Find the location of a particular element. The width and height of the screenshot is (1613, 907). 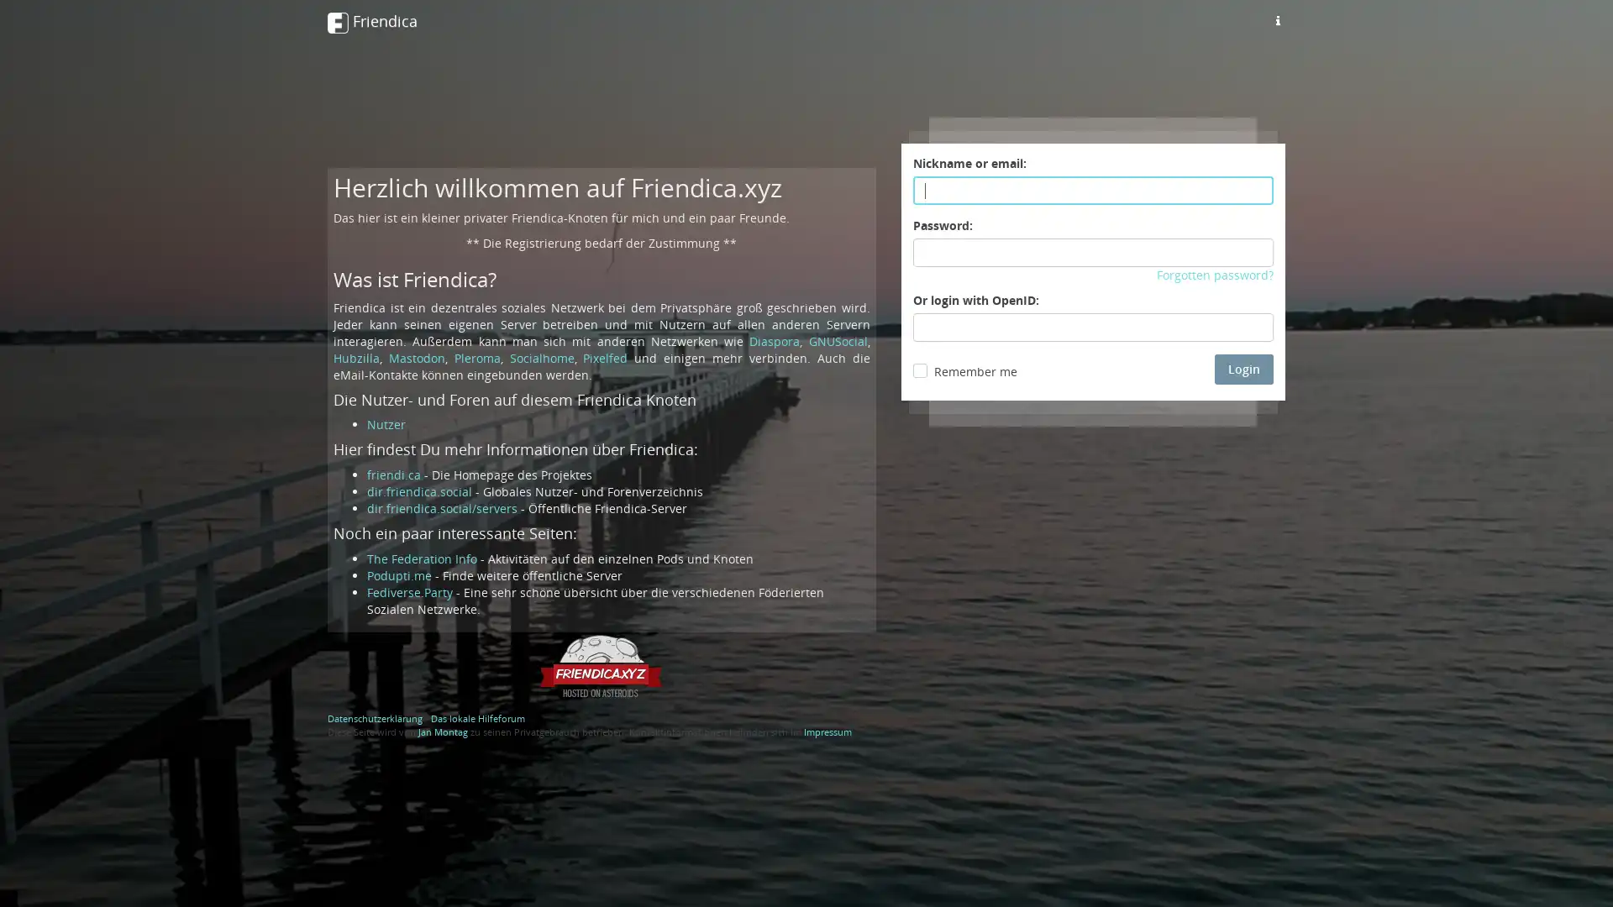

Login is located at coordinates (1244, 368).